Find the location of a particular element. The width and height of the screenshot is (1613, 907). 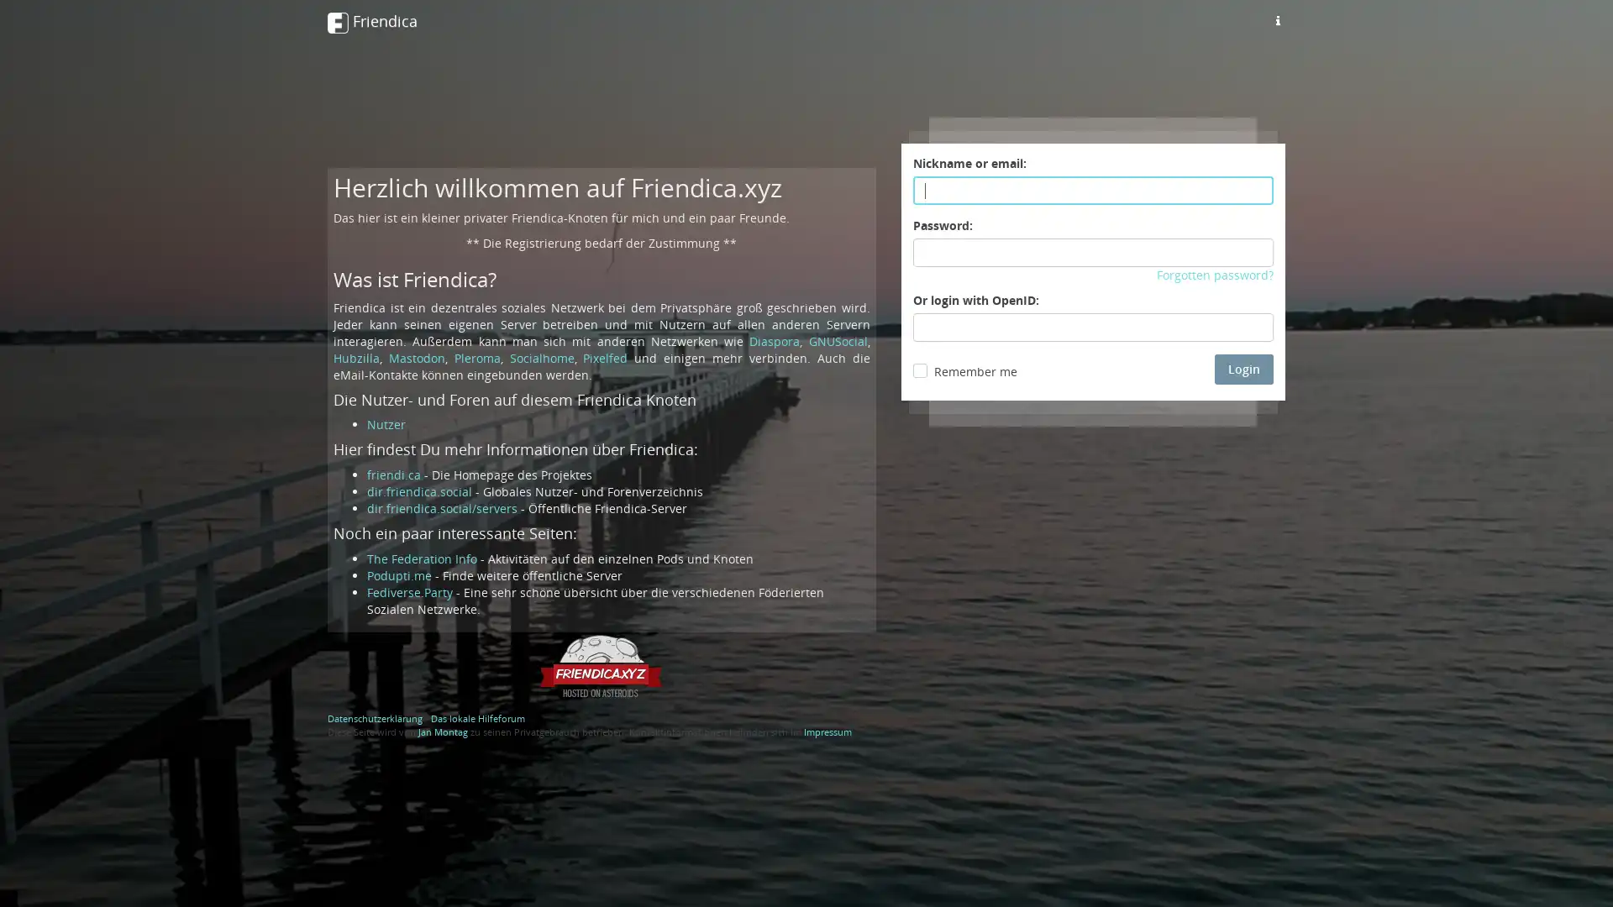

Login is located at coordinates (1244, 368).